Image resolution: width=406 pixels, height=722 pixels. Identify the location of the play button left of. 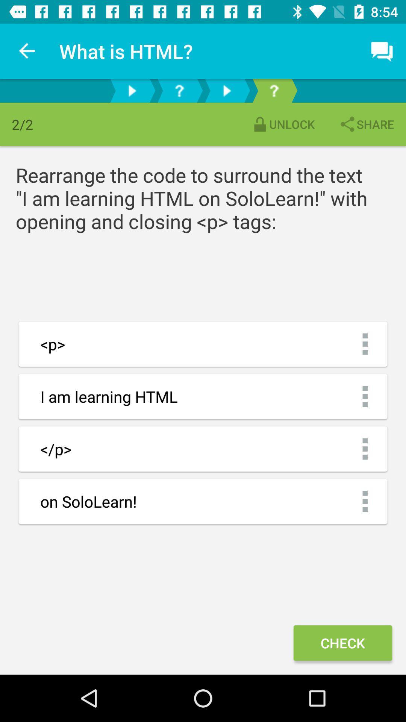
(132, 90).